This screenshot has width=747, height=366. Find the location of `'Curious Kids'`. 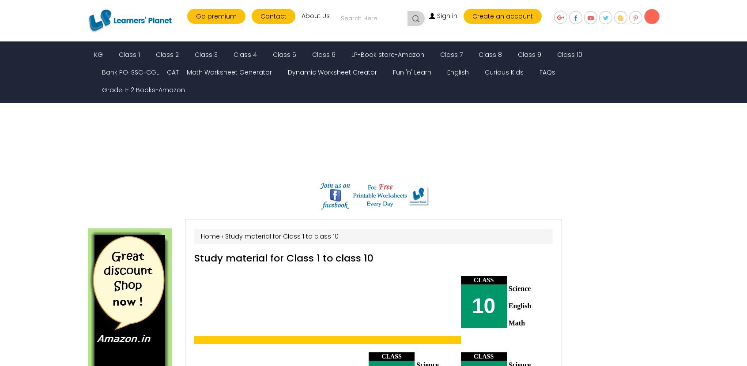

'Curious Kids' is located at coordinates (503, 72).